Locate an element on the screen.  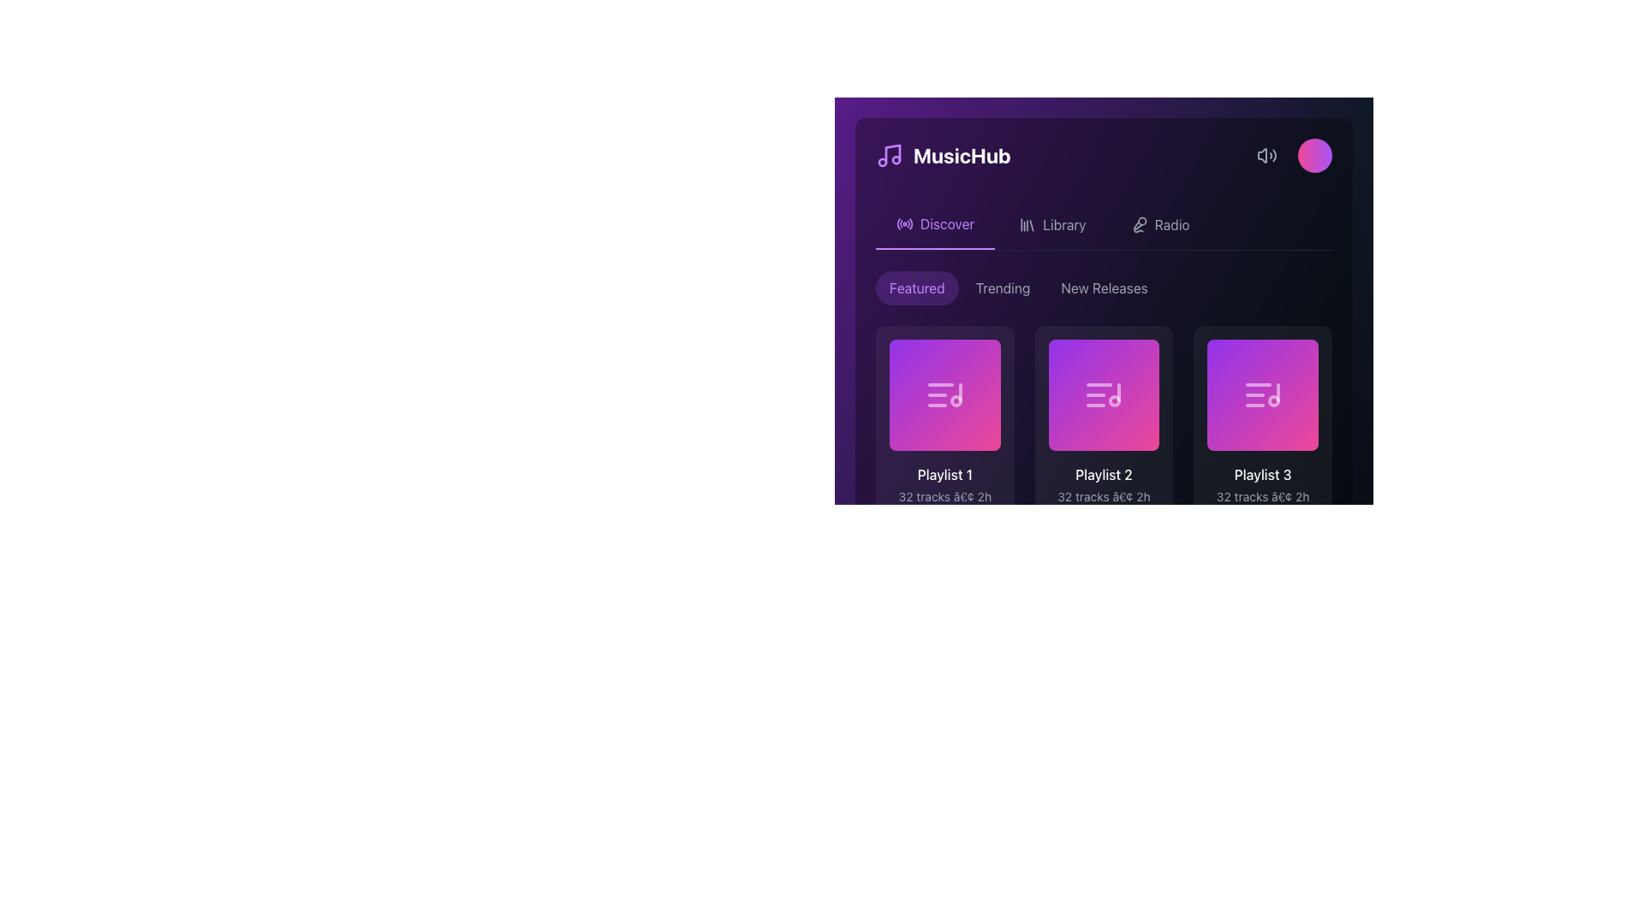
the 'Library' icon located at the top navigation menu is located at coordinates (1027, 223).